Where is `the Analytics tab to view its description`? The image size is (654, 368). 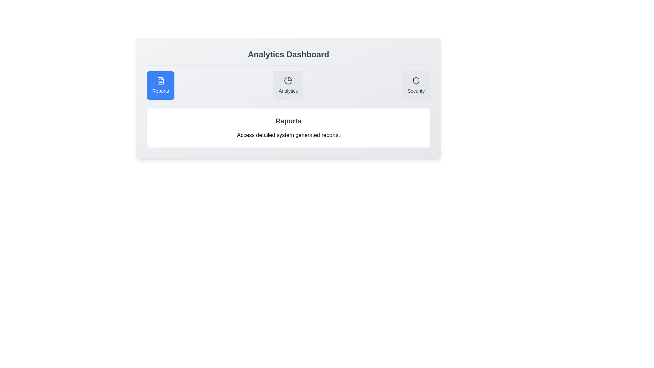 the Analytics tab to view its description is located at coordinates (288, 85).